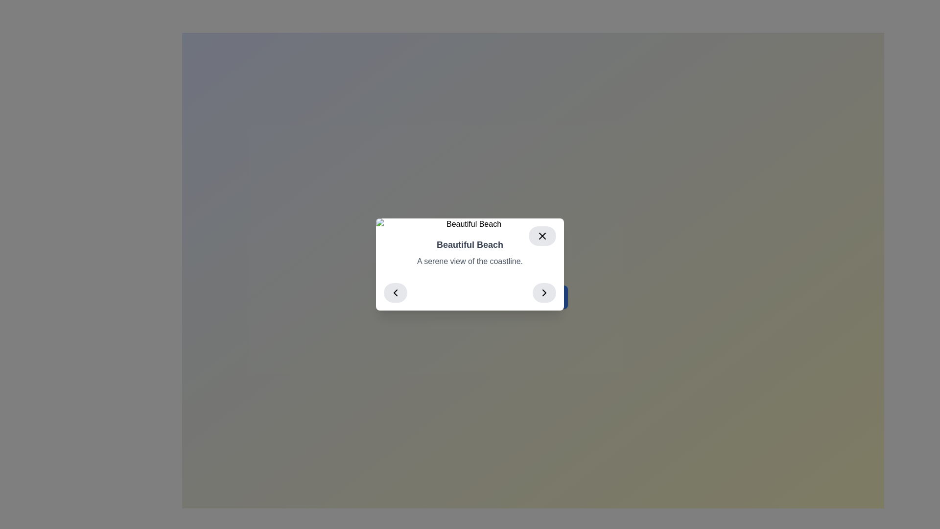 The height and width of the screenshot is (529, 940). Describe the element at coordinates (395, 292) in the screenshot. I see `the backward navigation icon located in the bottom left corner of the pop-up card UI` at that location.